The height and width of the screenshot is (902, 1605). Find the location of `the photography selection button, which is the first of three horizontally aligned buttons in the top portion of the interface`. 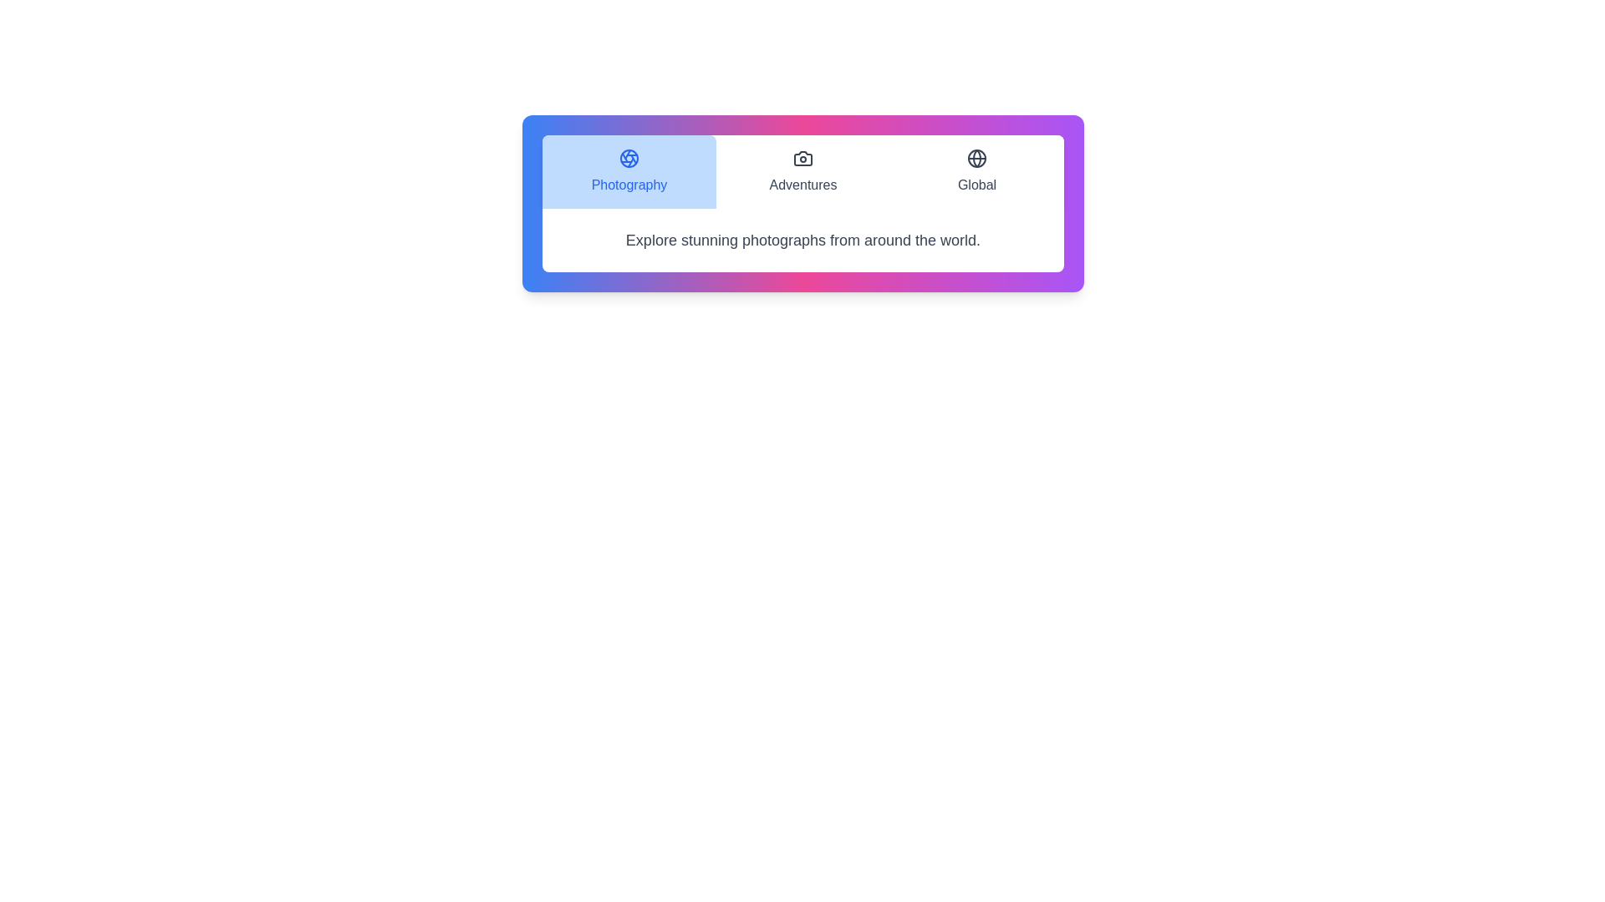

the photography selection button, which is the first of three horizontally aligned buttons in the top portion of the interface is located at coordinates (629, 171).